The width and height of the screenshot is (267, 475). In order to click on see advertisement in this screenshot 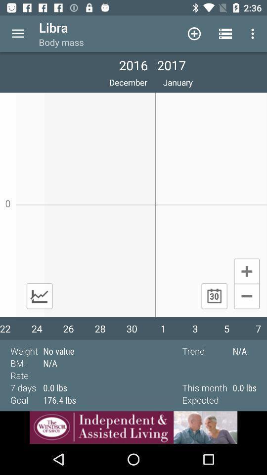, I will do `click(133, 427)`.